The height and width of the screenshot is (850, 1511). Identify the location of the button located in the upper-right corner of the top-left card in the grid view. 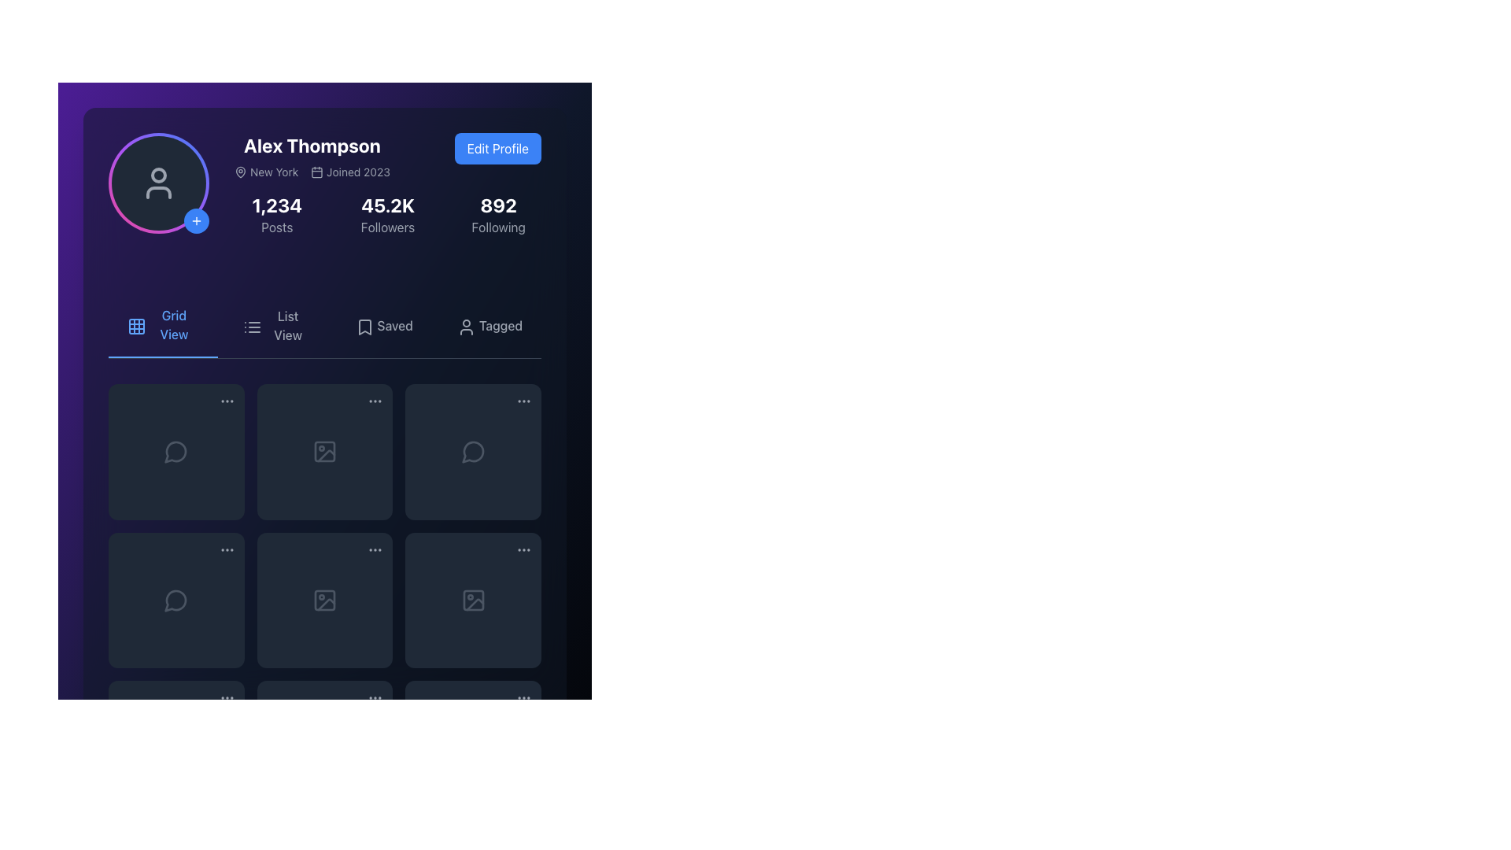
(226, 400).